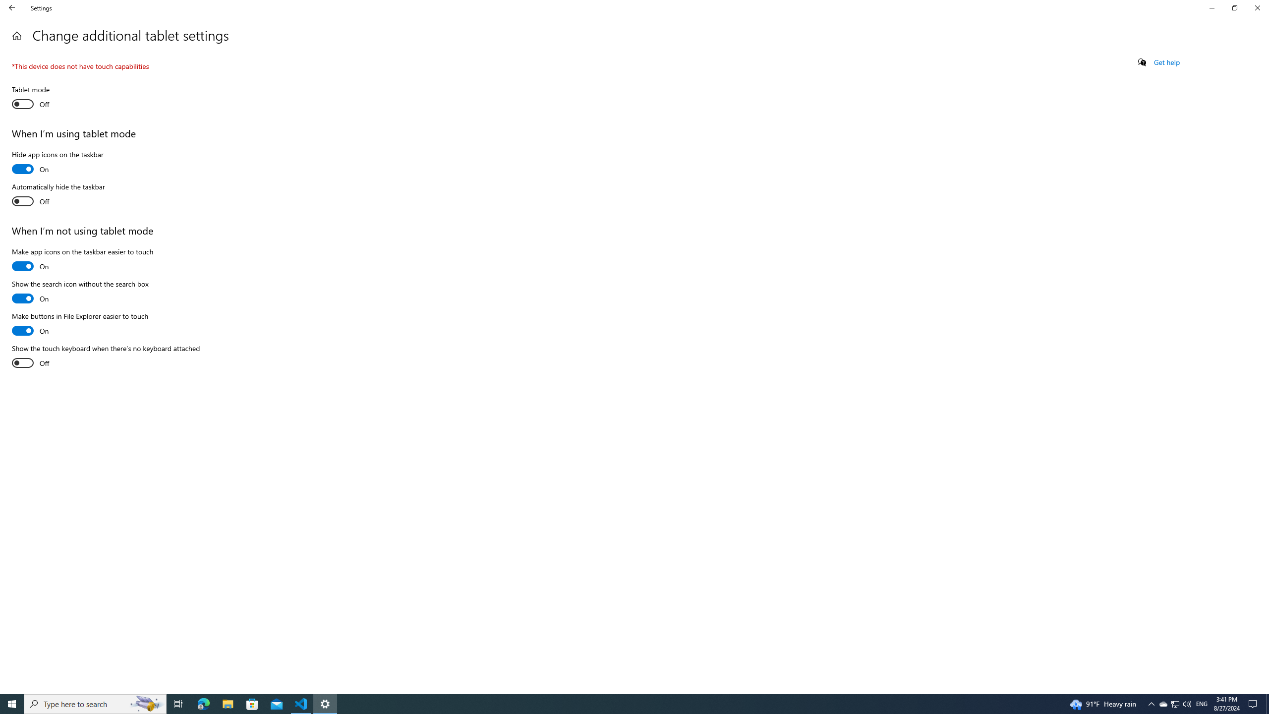  Describe the element at coordinates (58, 195) in the screenshot. I see `'Automatically hide the taskbar'` at that location.